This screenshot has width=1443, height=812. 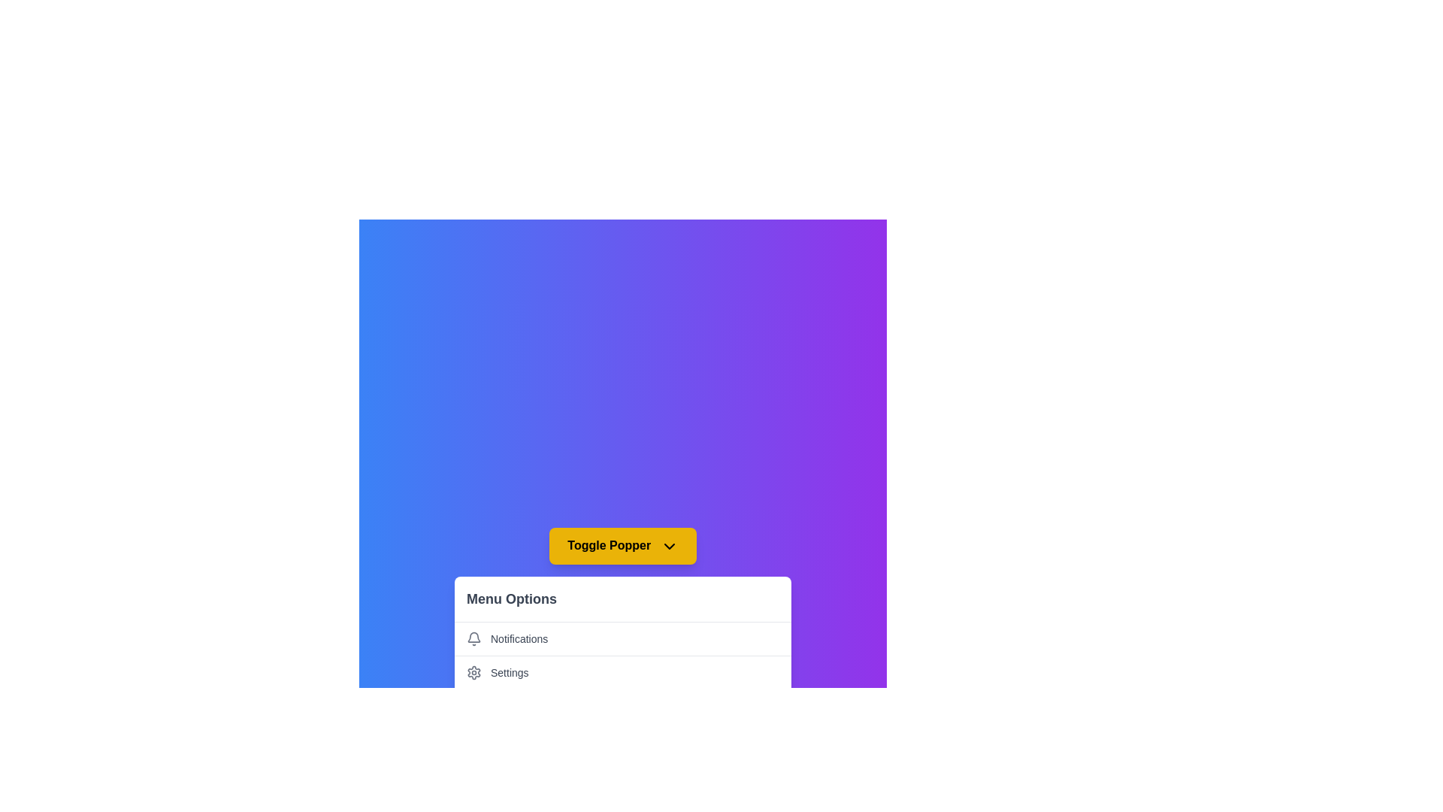 I want to click on the design of the Notifications icon, which is located at the leftmost part of the Notifications menu row, preceding the text label 'Notifications', so click(x=473, y=638).